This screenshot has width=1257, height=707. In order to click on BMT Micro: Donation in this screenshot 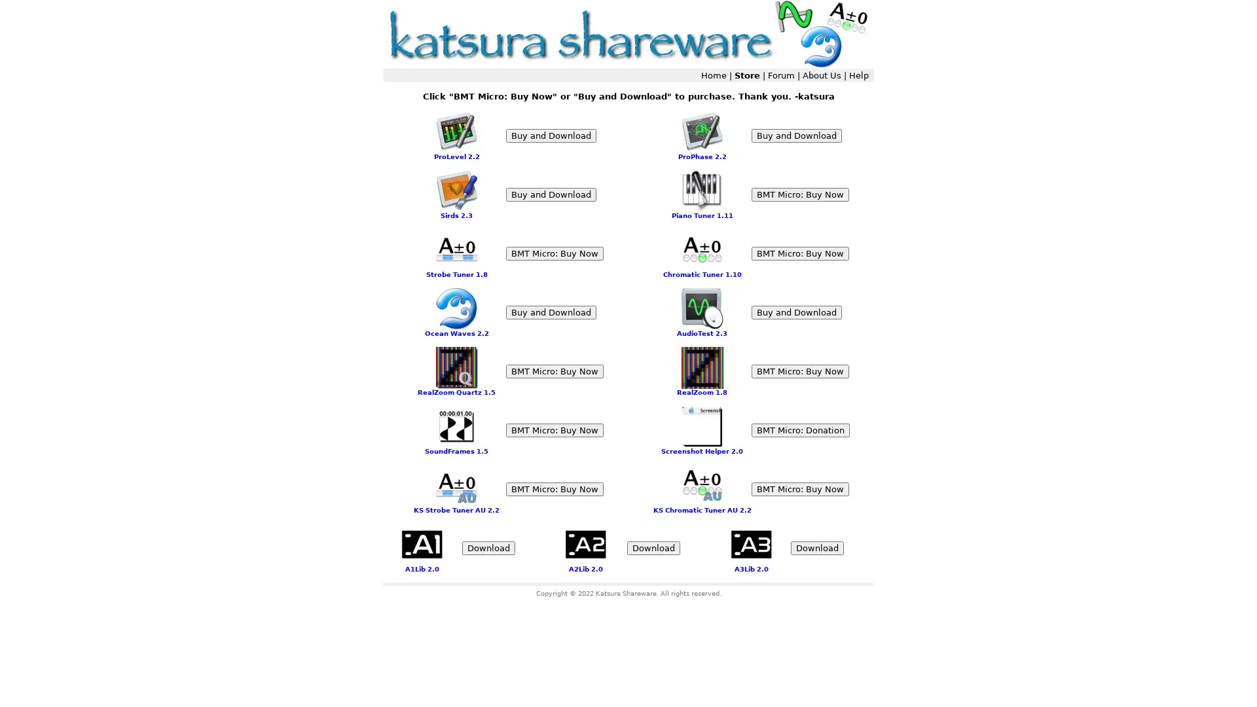, I will do `click(799, 430)`.